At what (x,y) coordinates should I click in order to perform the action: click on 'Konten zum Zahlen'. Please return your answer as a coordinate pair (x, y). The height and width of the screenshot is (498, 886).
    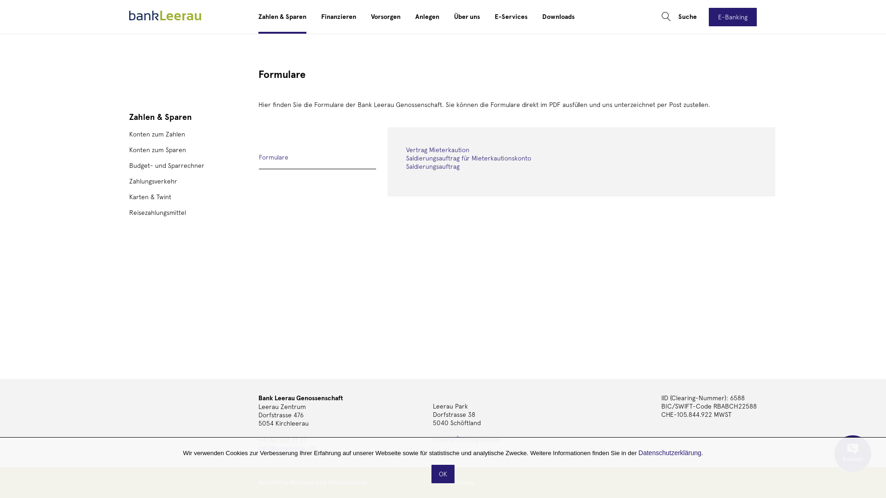
    Looking at the image, I should click on (157, 134).